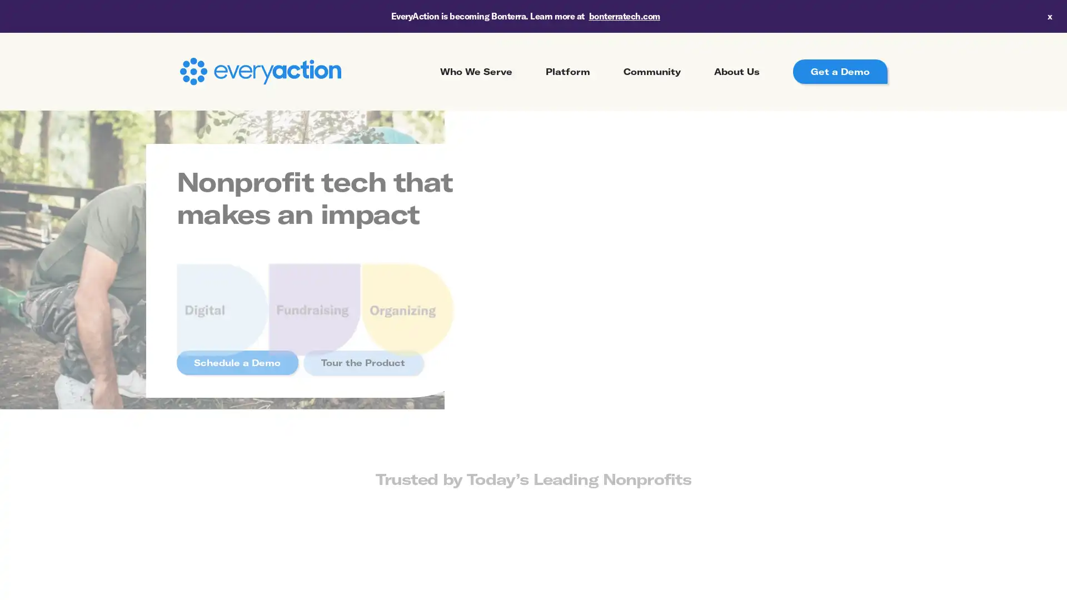 Image resolution: width=1067 pixels, height=600 pixels. Describe the element at coordinates (230, 537) in the screenshot. I see `Previous` at that location.